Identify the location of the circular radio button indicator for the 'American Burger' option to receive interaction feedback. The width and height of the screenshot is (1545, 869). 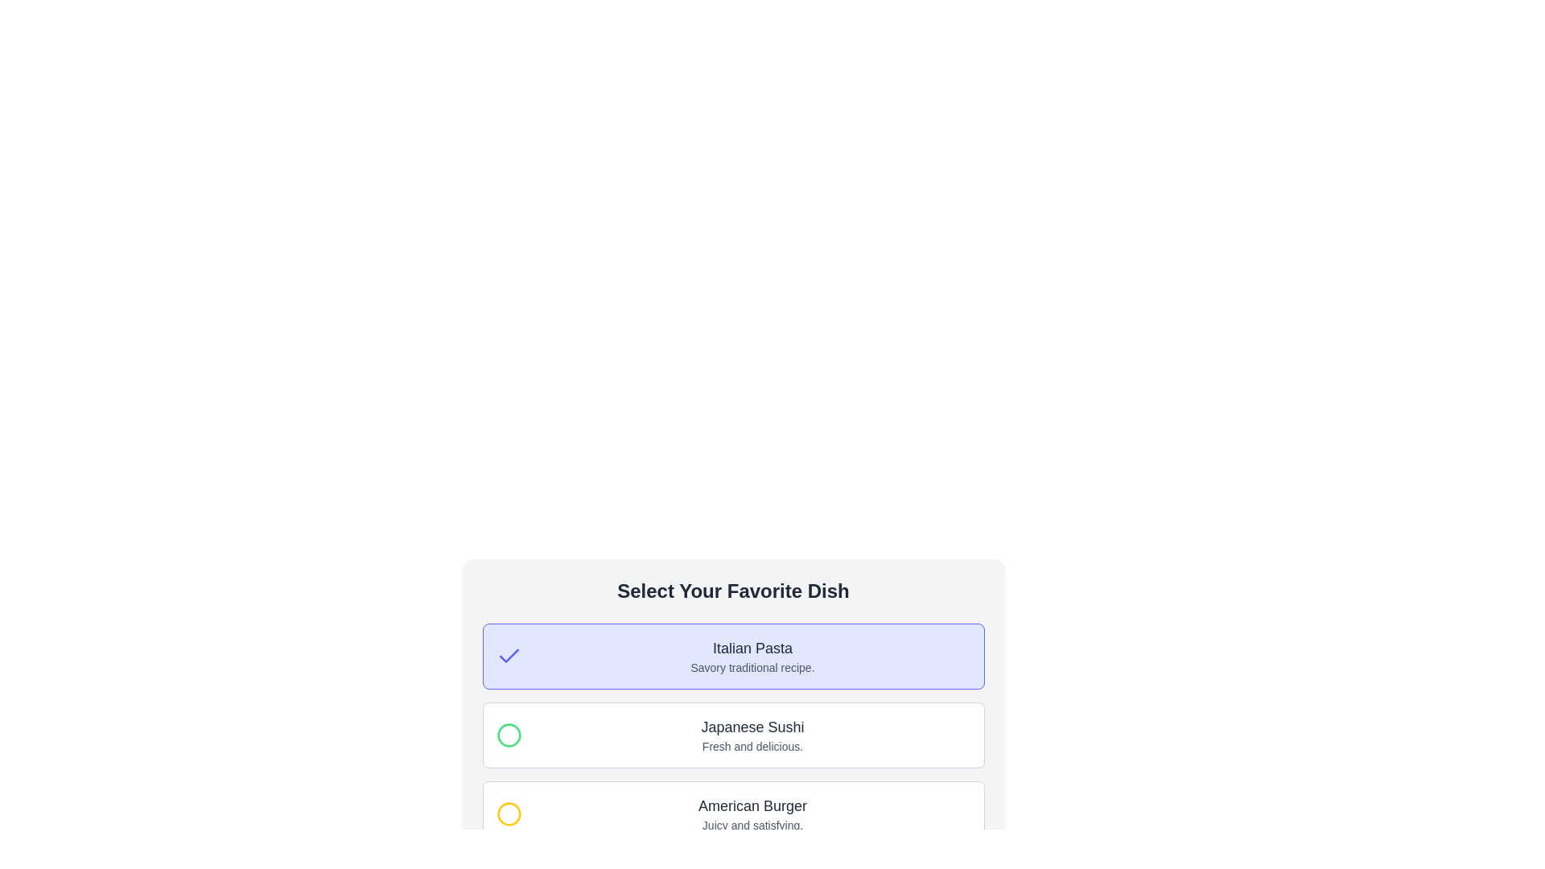
(508, 813).